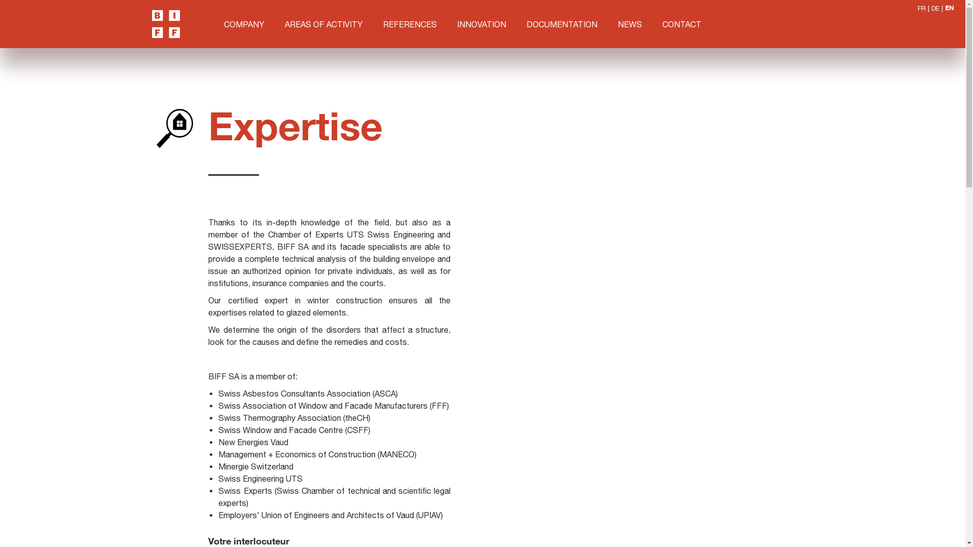  Describe the element at coordinates (561, 23) in the screenshot. I see `'DOCUMENTATION'` at that location.